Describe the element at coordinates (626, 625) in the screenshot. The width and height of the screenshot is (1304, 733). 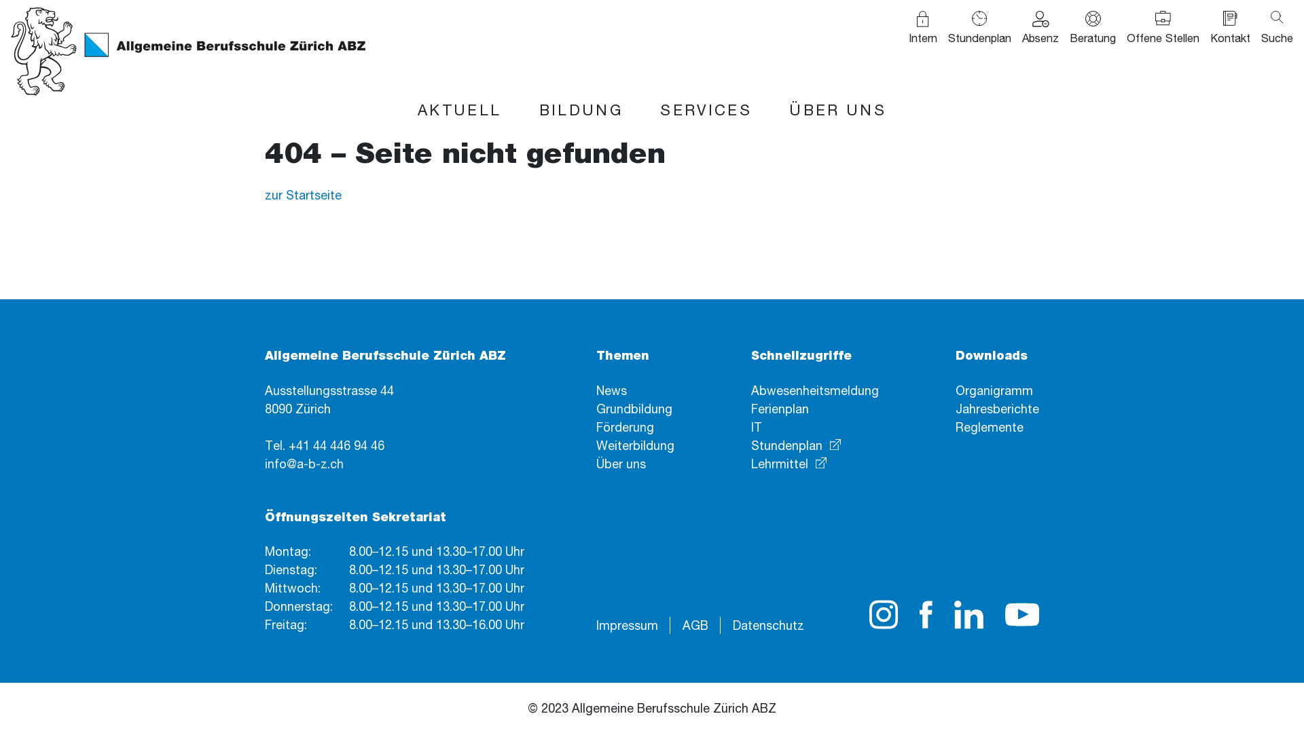
I see `'Impressum'` at that location.